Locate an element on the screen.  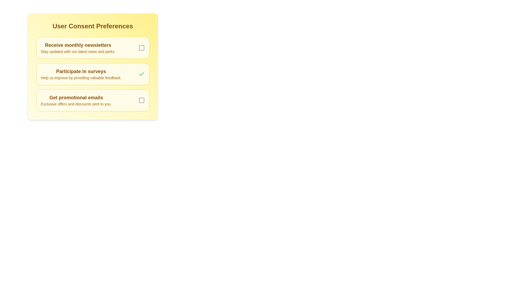
the checkbox located on the far right side of the 'Get promotional emails' section of the consent preferences interface is located at coordinates (142, 100).